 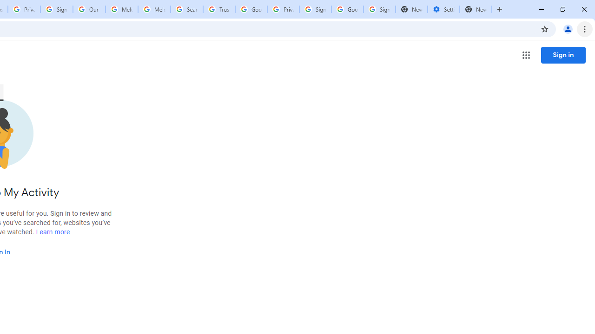 What do you see at coordinates (443, 9) in the screenshot?
I see `'Settings - Addresses and more'` at bounding box center [443, 9].